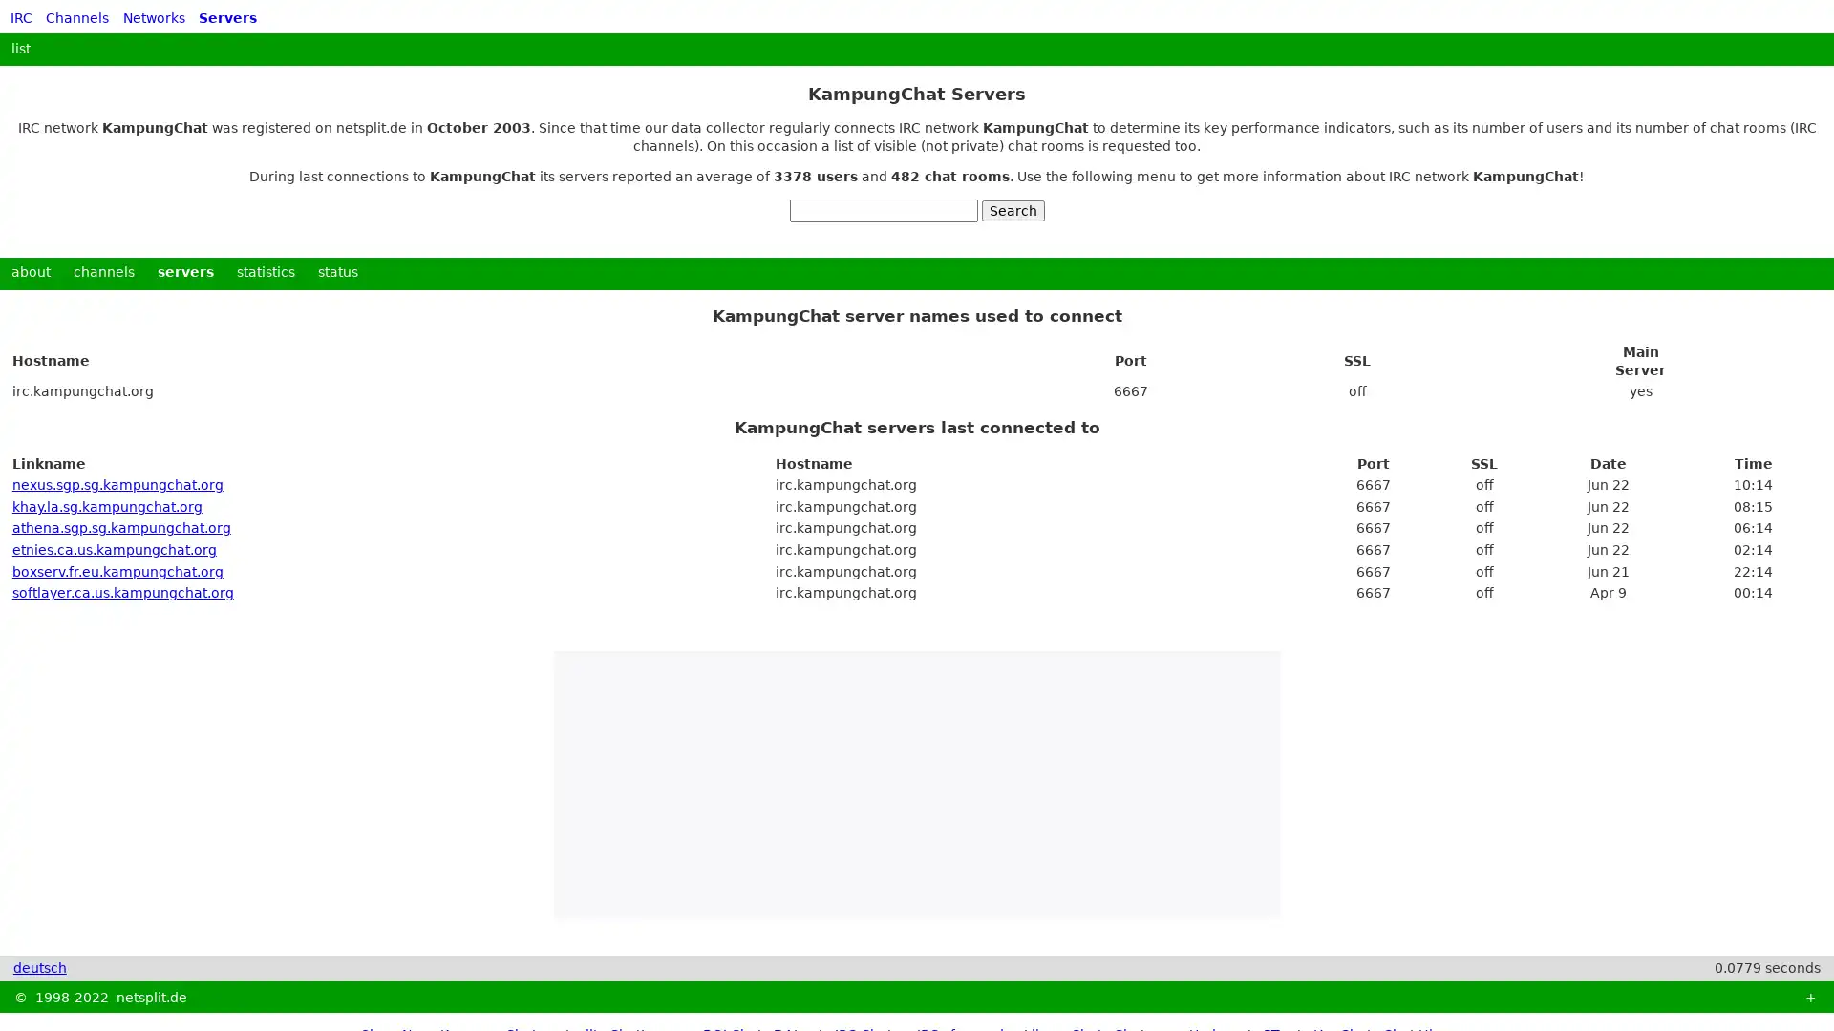  Describe the element at coordinates (1012, 209) in the screenshot. I see `Search` at that location.